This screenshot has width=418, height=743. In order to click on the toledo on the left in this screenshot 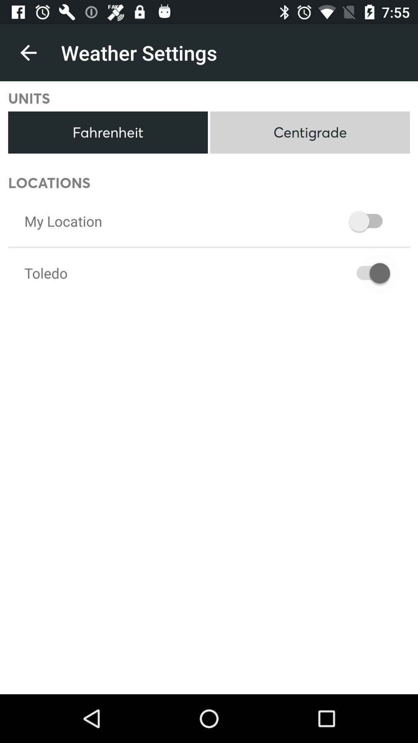, I will do `click(46, 273)`.